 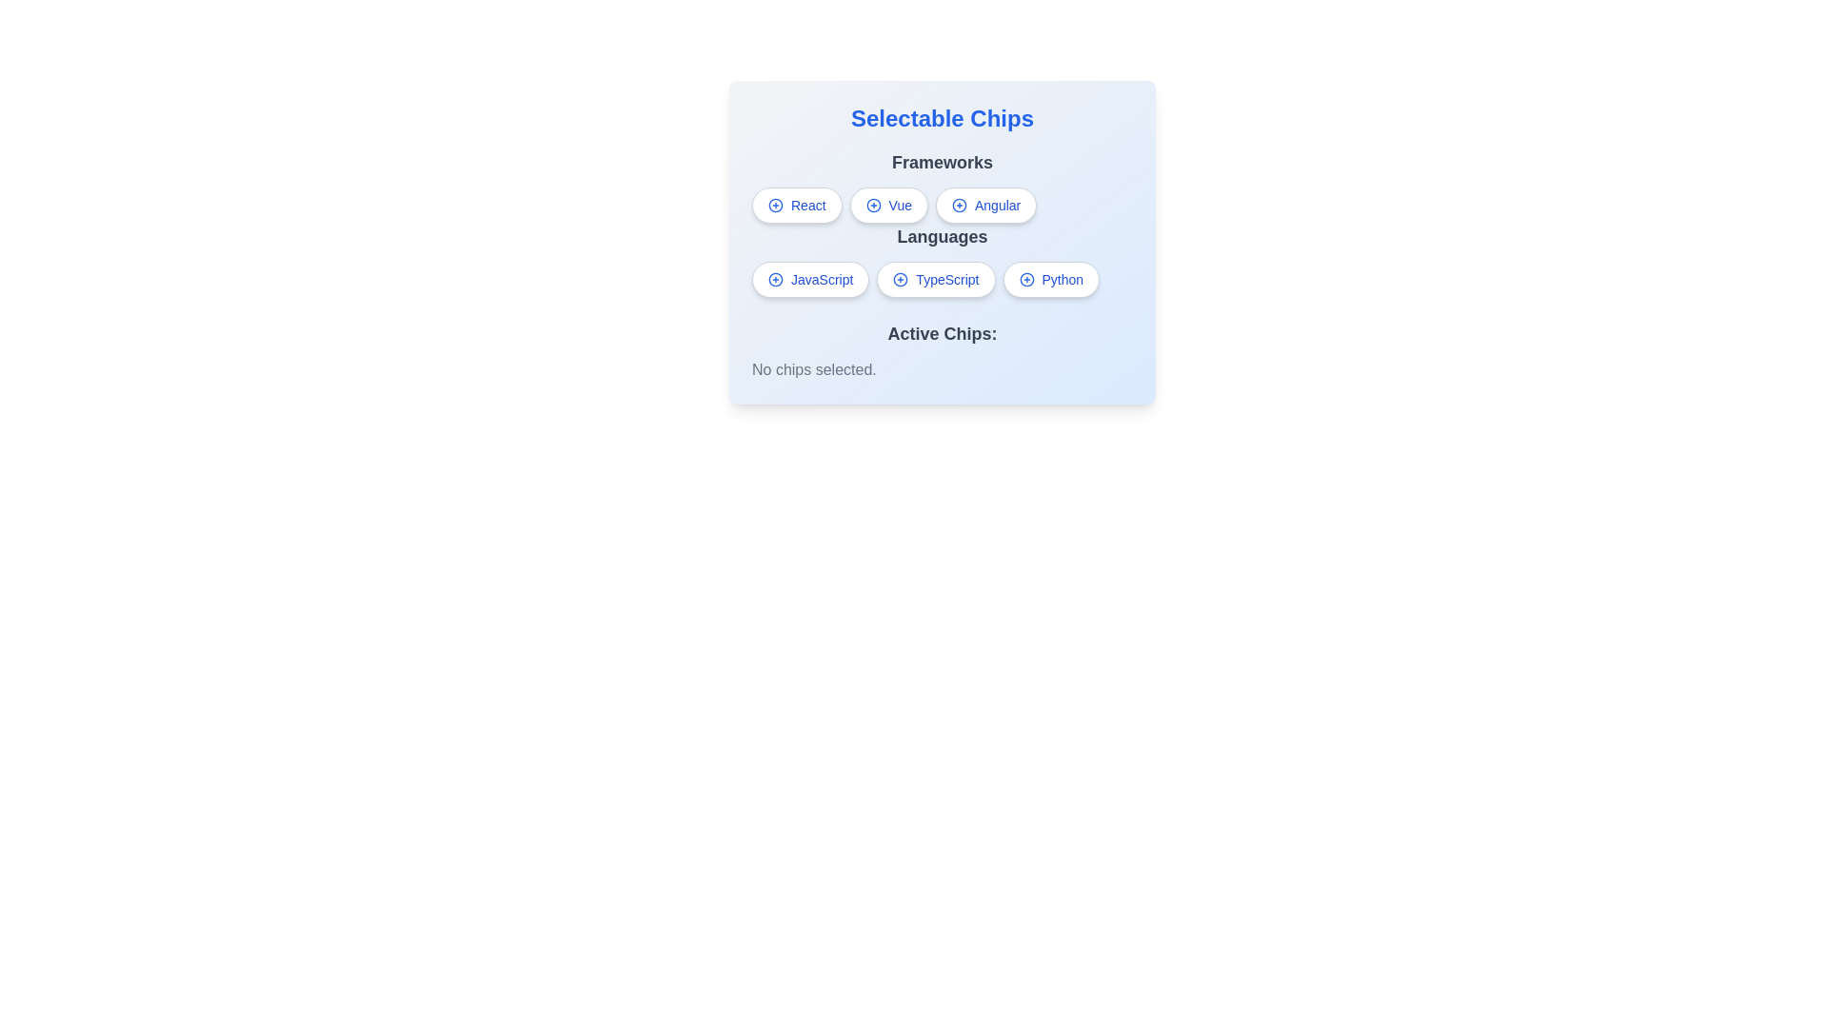 What do you see at coordinates (797, 206) in the screenshot?
I see `the first button-like chip in the 'Frameworks' section to observe any hover effect` at bounding box center [797, 206].